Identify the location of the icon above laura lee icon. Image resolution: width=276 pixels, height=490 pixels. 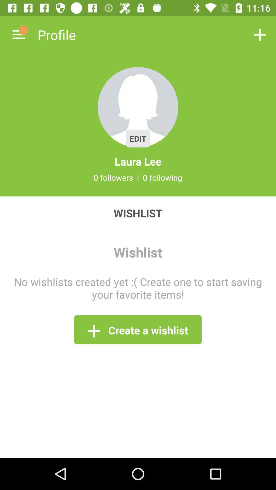
(138, 107).